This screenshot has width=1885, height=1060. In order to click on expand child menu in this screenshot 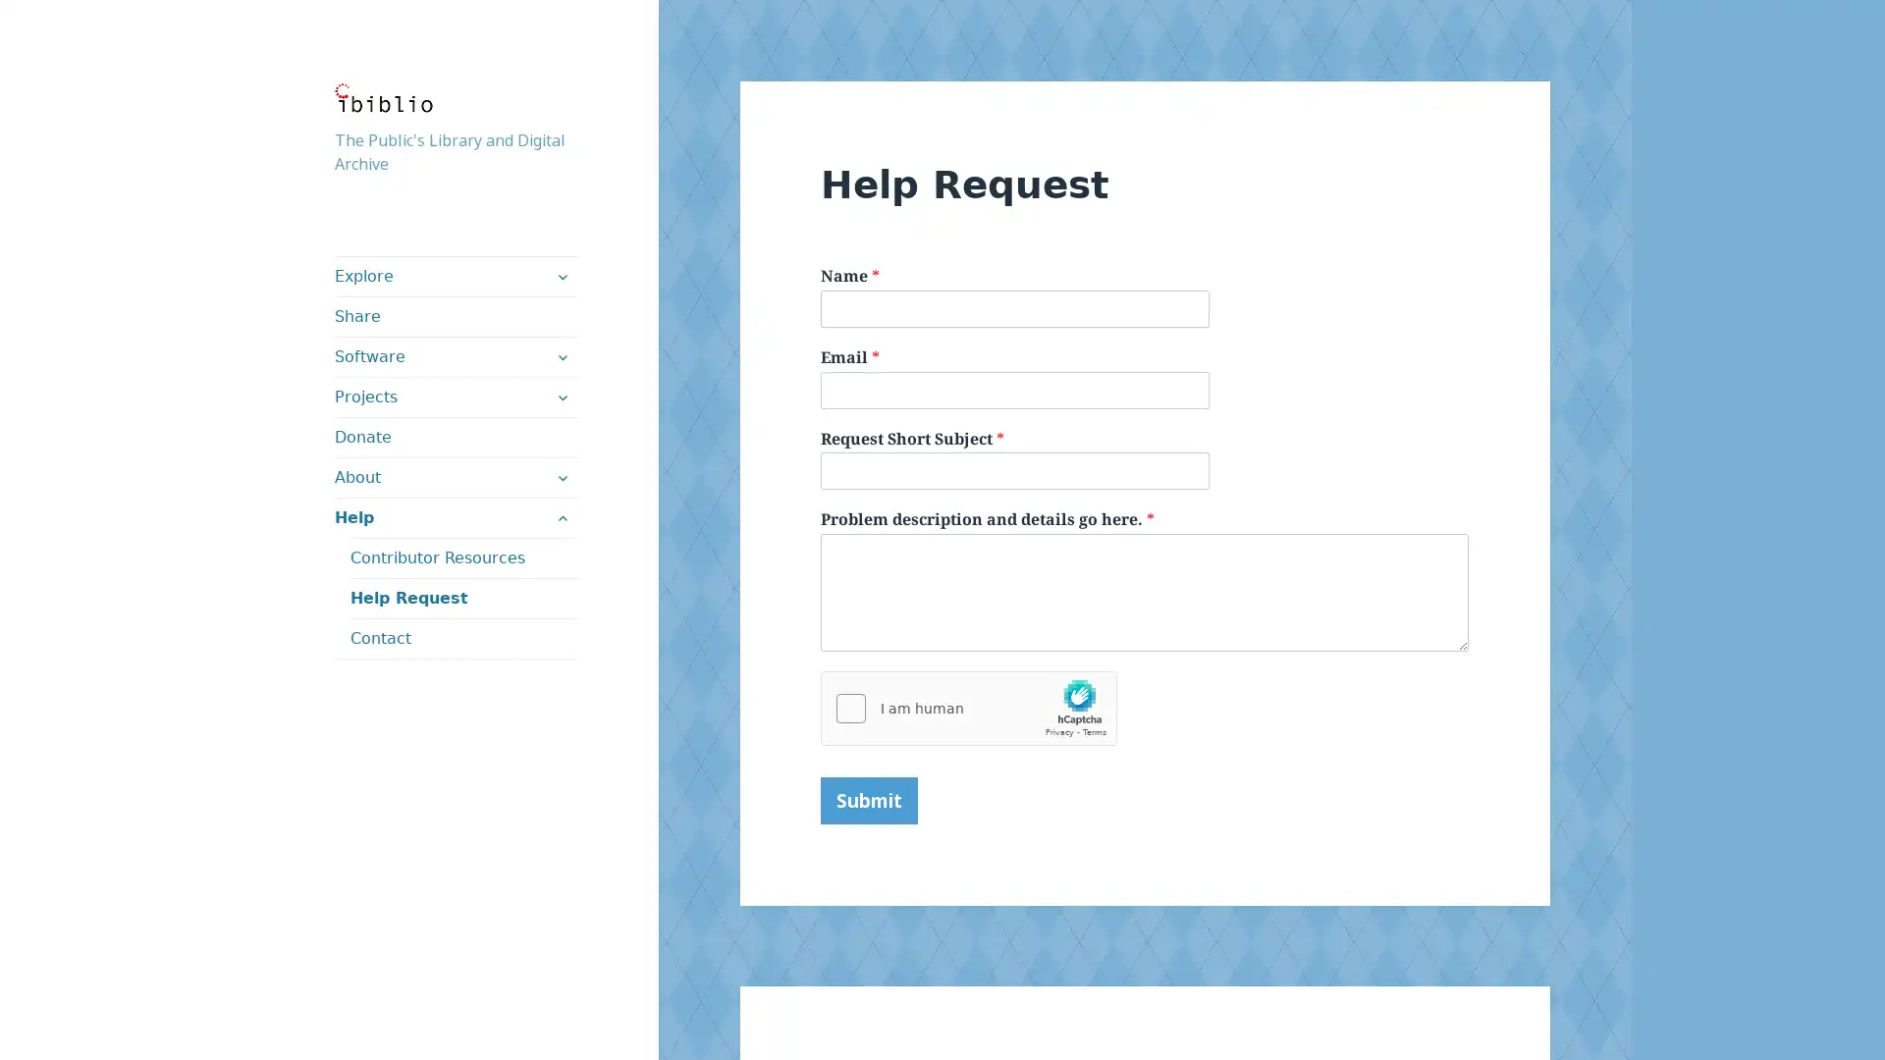, I will do `click(560, 517)`.